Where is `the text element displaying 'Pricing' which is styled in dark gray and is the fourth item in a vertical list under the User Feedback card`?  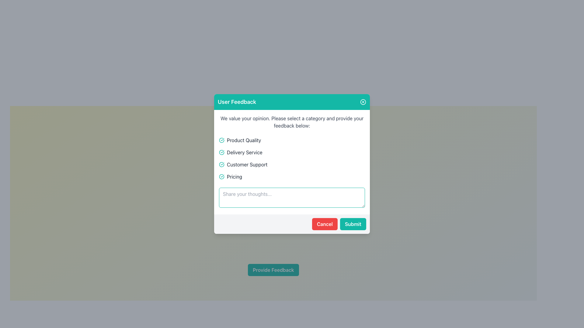
the text element displaying 'Pricing' which is styled in dark gray and is the fourth item in a vertical list under the User Feedback card is located at coordinates (234, 177).